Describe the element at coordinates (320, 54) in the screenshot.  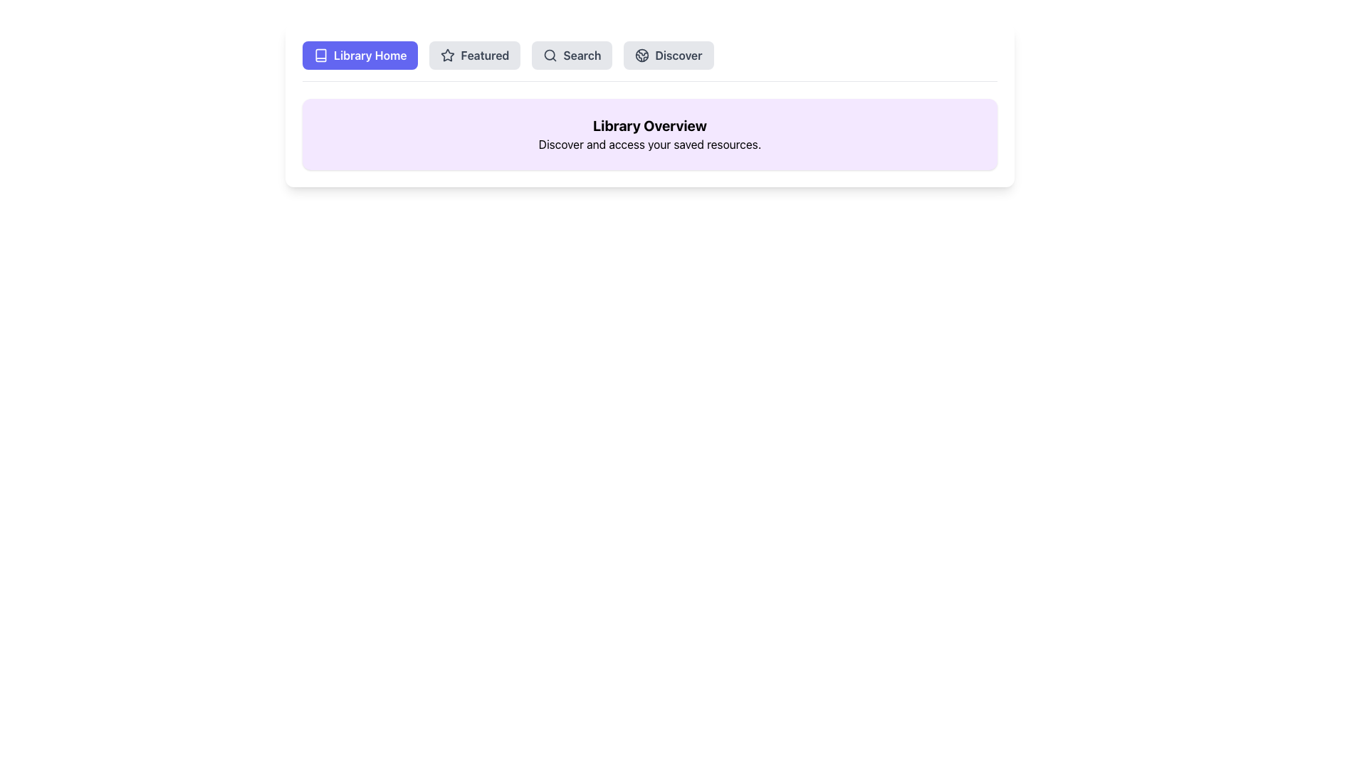
I see `the book icon located to the left of the 'Library Home' button in the header section of the interface` at that location.